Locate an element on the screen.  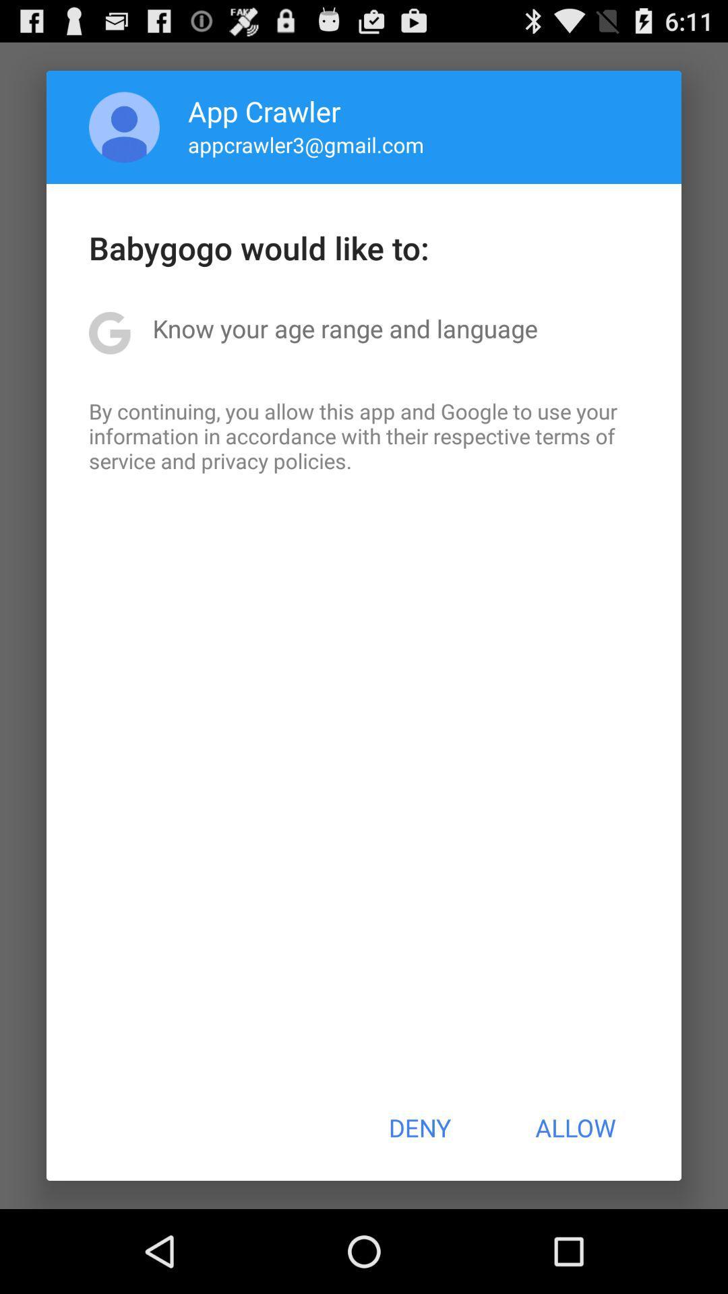
the know your age is located at coordinates (344, 328).